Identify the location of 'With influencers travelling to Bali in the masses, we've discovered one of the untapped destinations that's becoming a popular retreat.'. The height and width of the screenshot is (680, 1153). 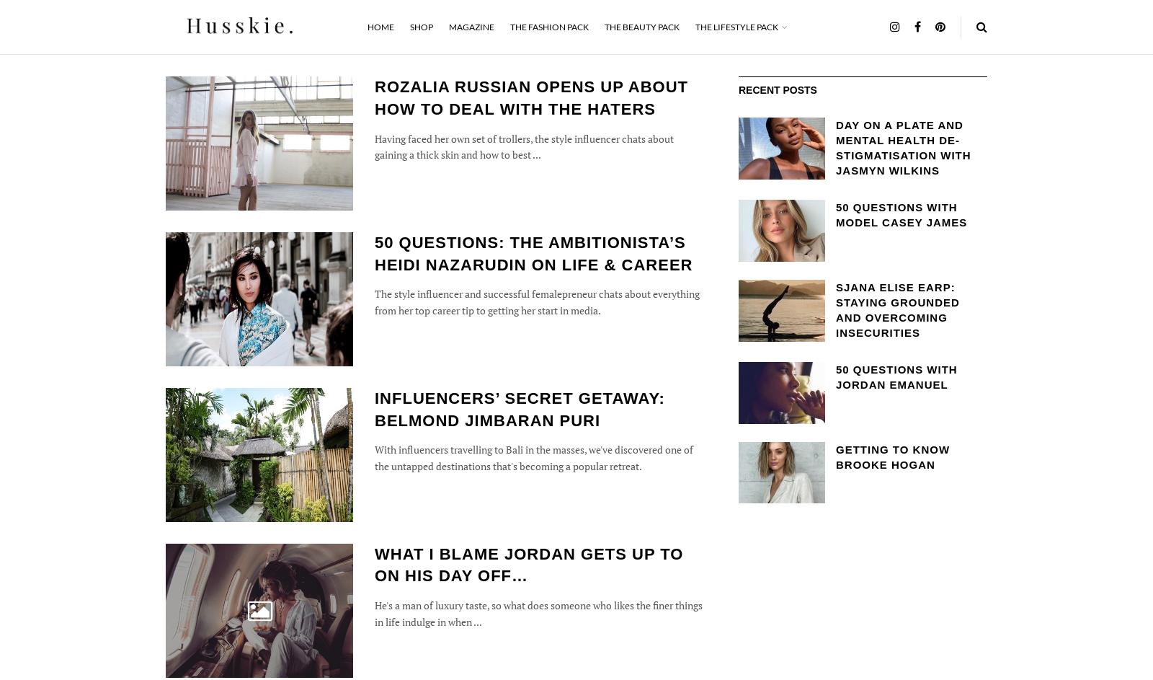
(374, 457).